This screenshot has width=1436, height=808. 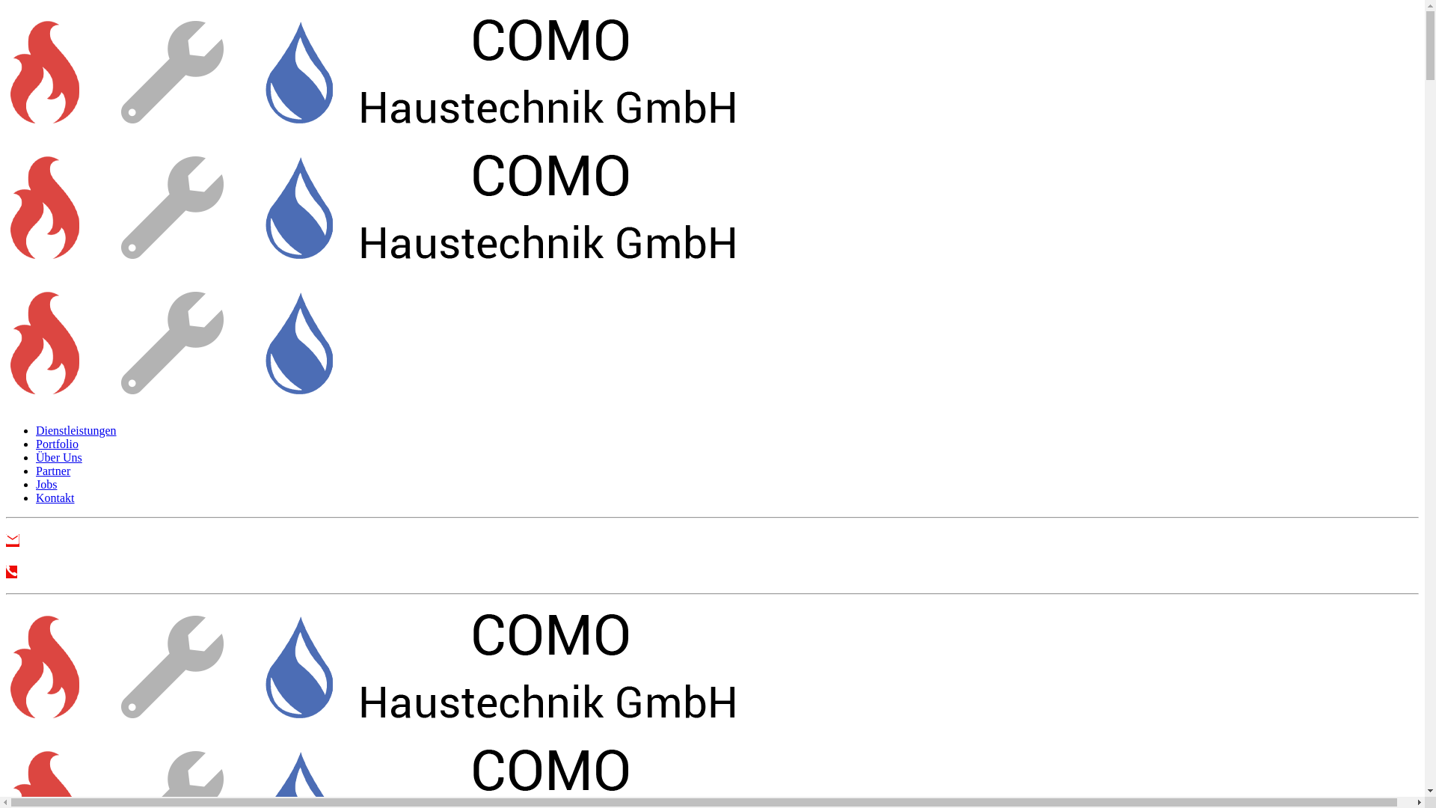 What do you see at coordinates (57, 443) in the screenshot?
I see `'Portfolio'` at bounding box center [57, 443].